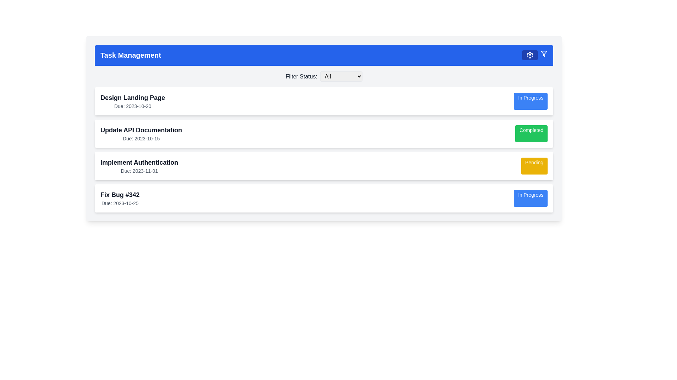  Describe the element at coordinates (323, 134) in the screenshot. I see `the second task entry in the task list that displays the title, due date, and status, positioned between 'Design Landing Page' and 'Implement Authentication'` at that location.